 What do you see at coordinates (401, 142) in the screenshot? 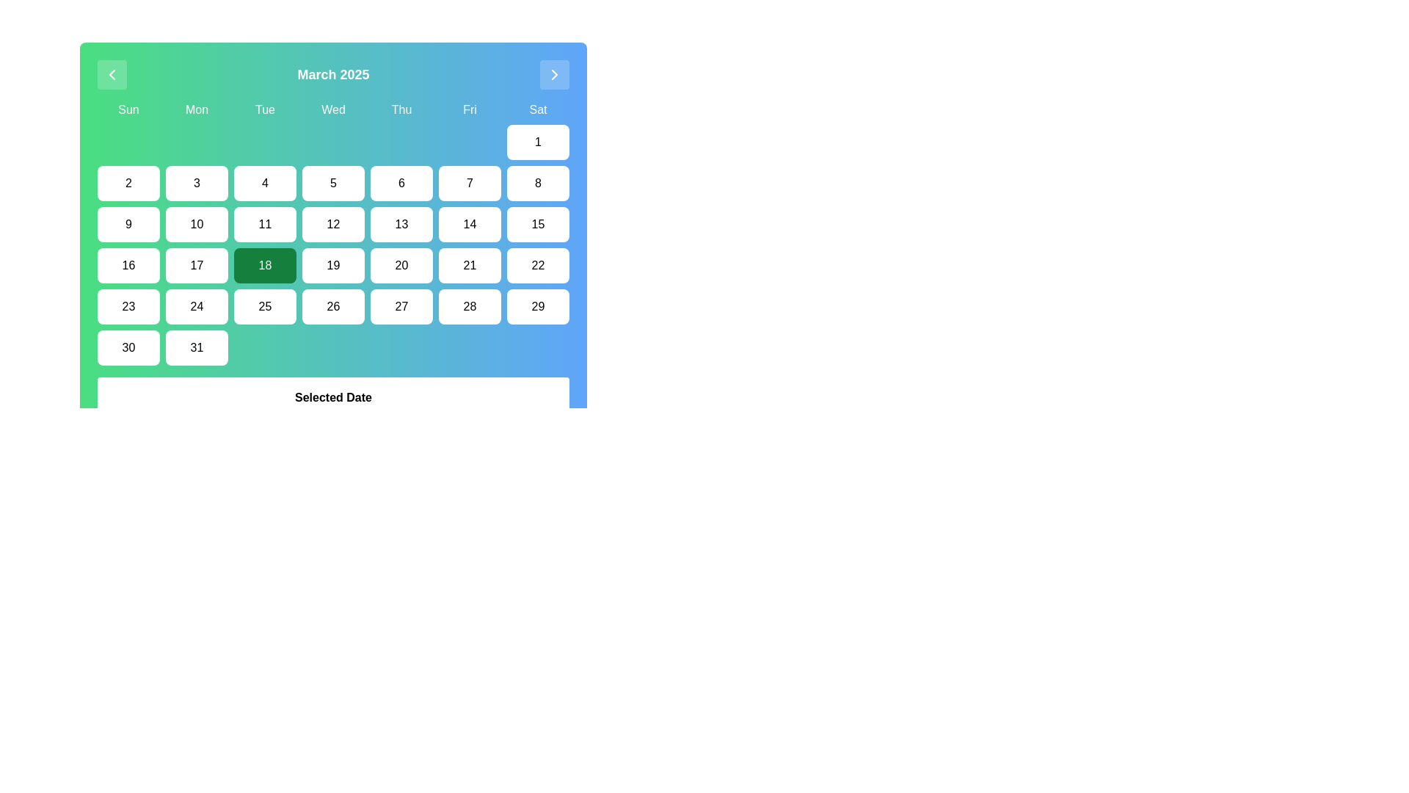
I see `the placeholder status of the grid cell located in the fifth position of the first row under the 'Thu' header` at bounding box center [401, 142].